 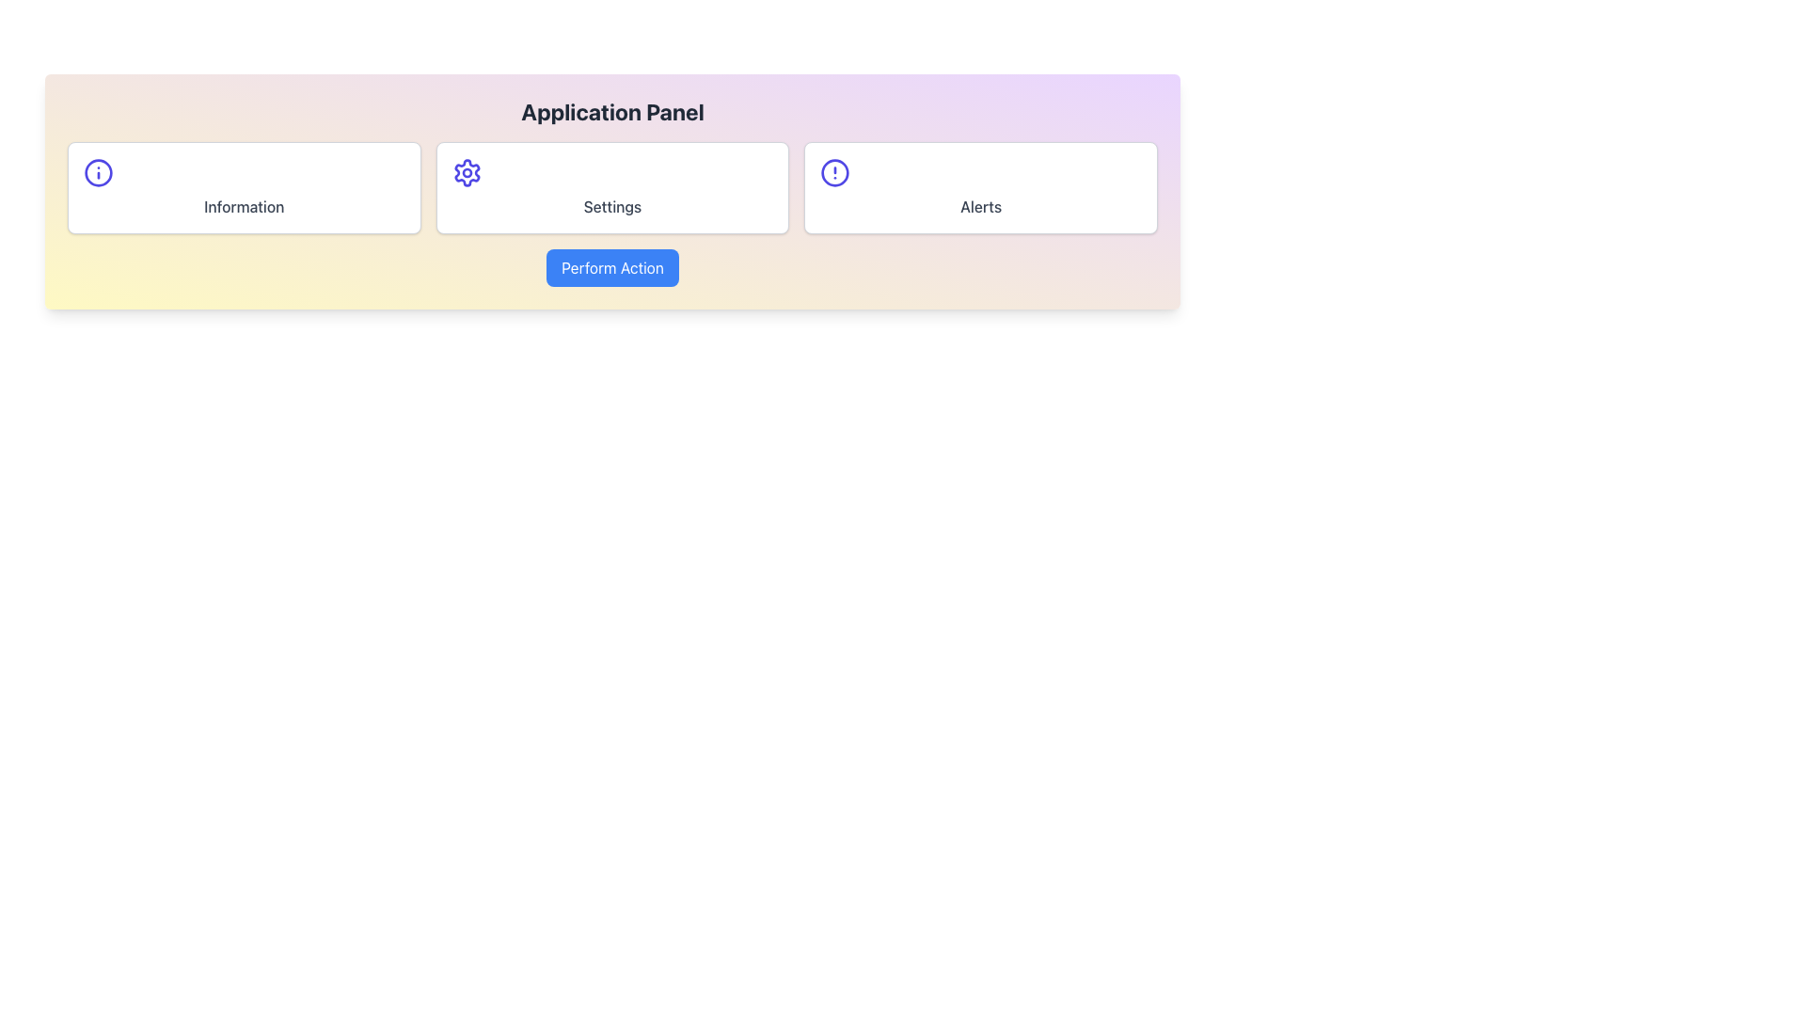 What do you see at coordinates (980, 206) in the screenshot?
I see `the 'Alerts' text label located at the bottom of the card on the rightmost side of three horizontally aligned cards` at bounding box center [980, 206].